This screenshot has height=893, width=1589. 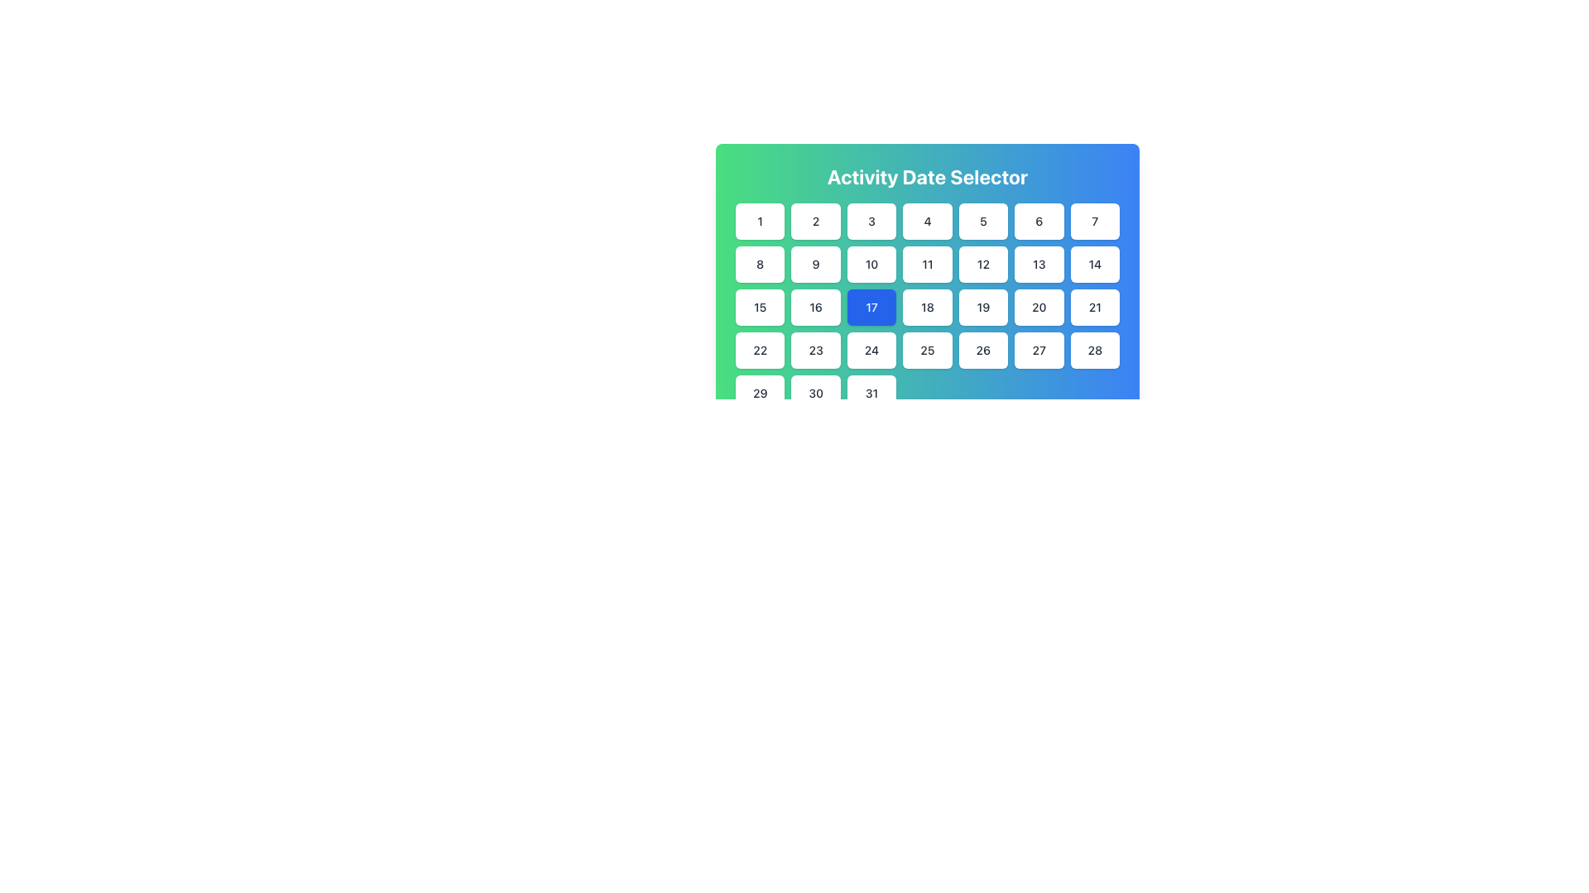 I want to click on the button displaying the number '14', which has a white background and gray text, so click(x=1095, y=264).